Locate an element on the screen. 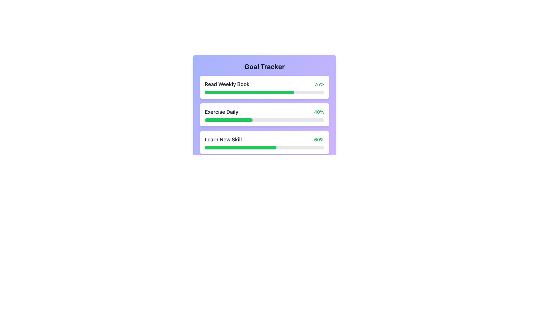 This screenshot has width=553, height=311. the progress bar that represents 75% completion of the 'Read Weekly Book' task, located at the top of the layout is located at coordinates (249, 92).